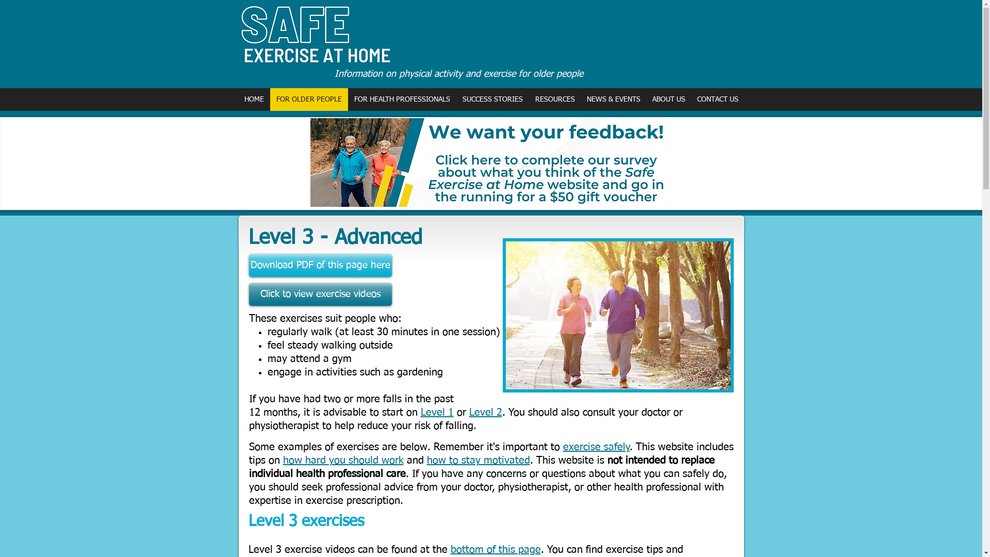 The image size is (990, 557). I want to click on 'Click to view exercise videos', so click(319, 294).